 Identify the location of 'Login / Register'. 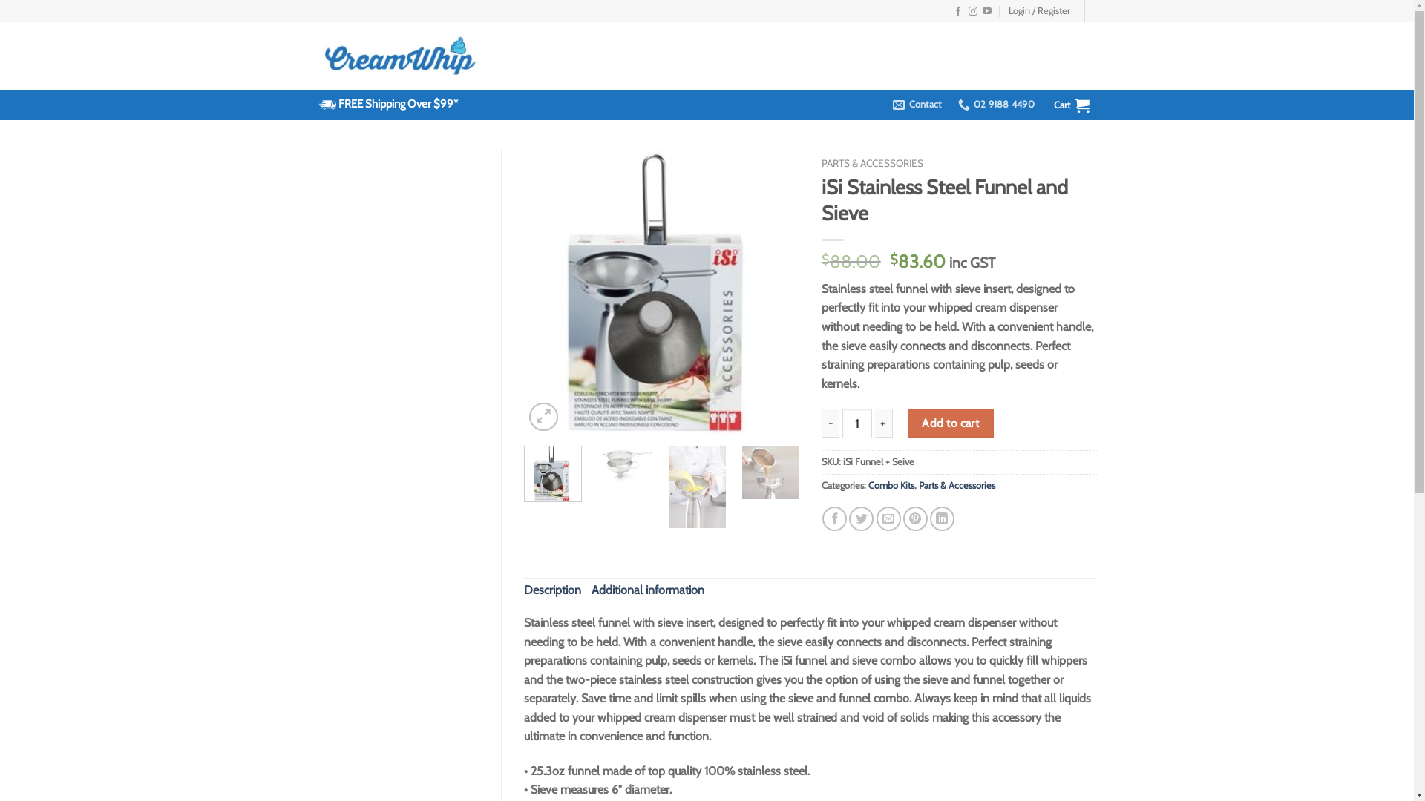
(1038, 11).